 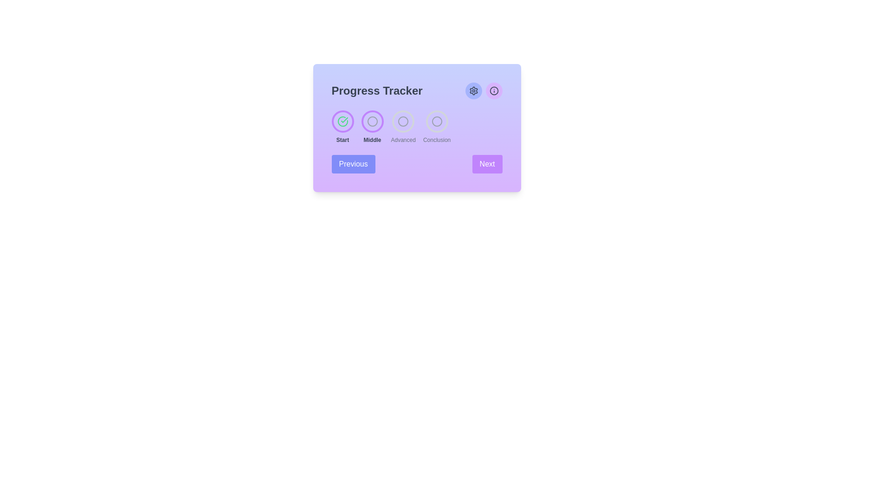 What do you see at coordinates (372, 121) in the screenshot?
I see `the circular visual indicator representing the 'Middle' step in the 'Progress Tracker' component, which is styled as an empty ring with a gray stroke` at bounding box center [372, 121].